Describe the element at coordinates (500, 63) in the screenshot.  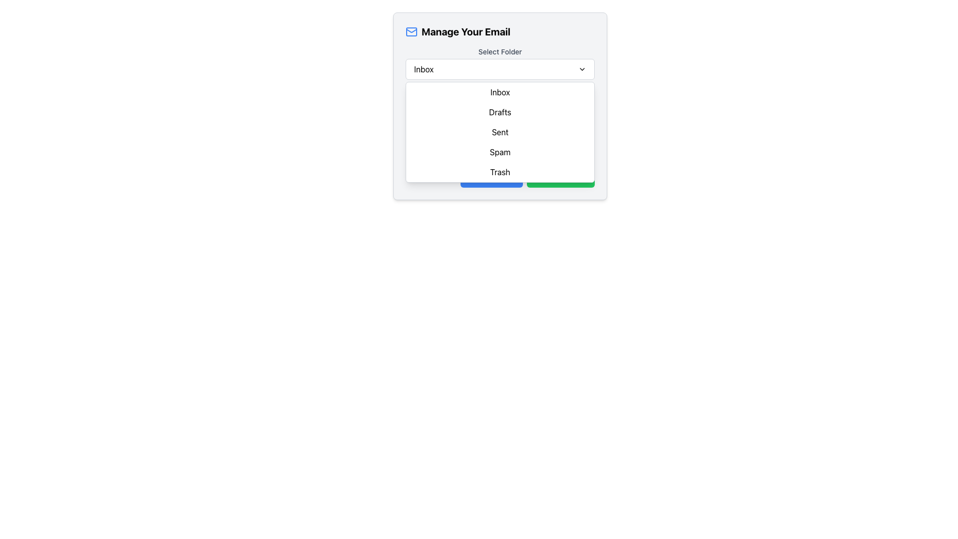
I see `a folder from the 'Select Folder' dropdown menu located below the 'Manage Your Email' heading by clicking on it` at that location.